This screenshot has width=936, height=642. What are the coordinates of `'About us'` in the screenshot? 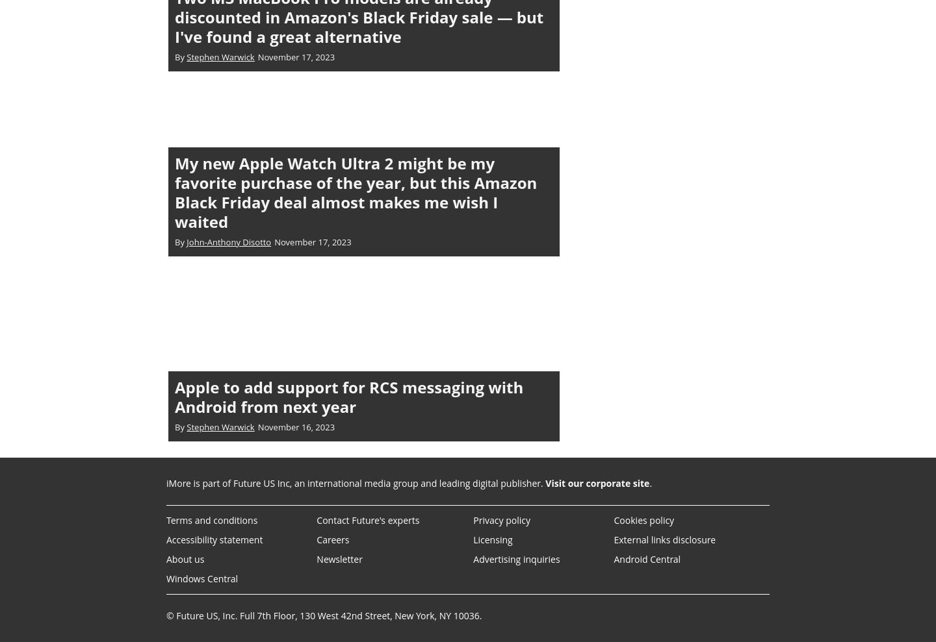 It's located at (184, 558).